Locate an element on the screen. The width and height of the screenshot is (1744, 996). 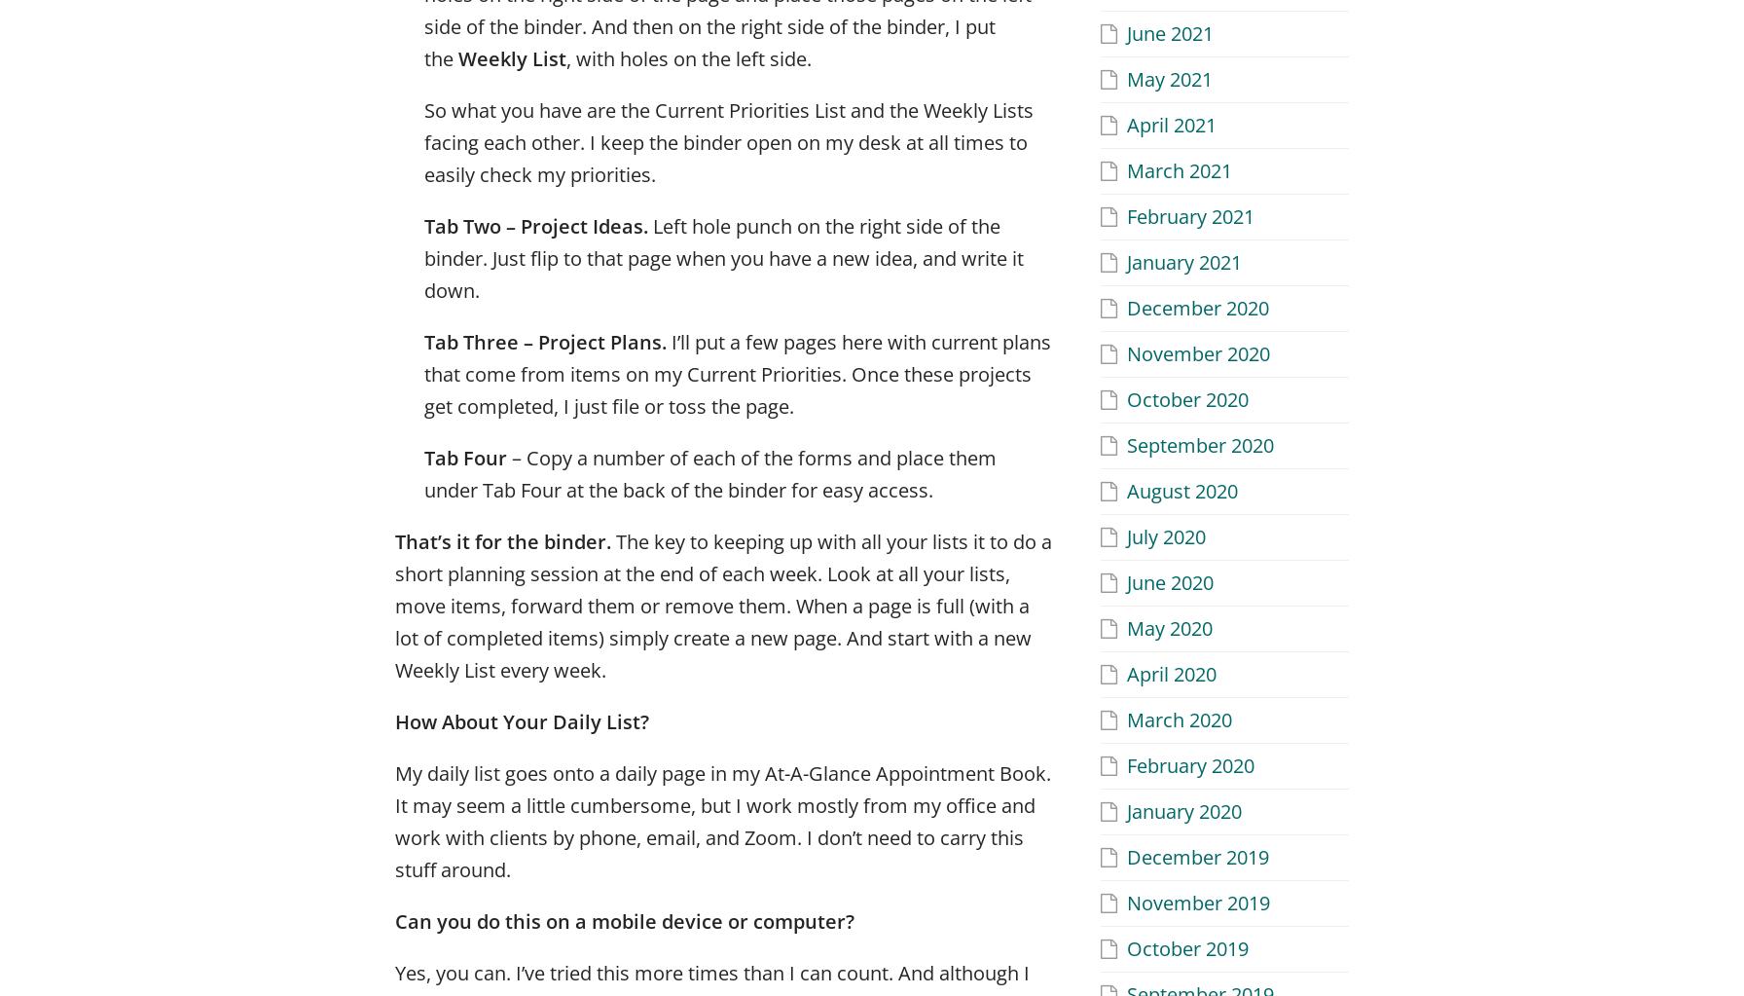
'That’s it for the binder.' is located at coordinates (505, 540).